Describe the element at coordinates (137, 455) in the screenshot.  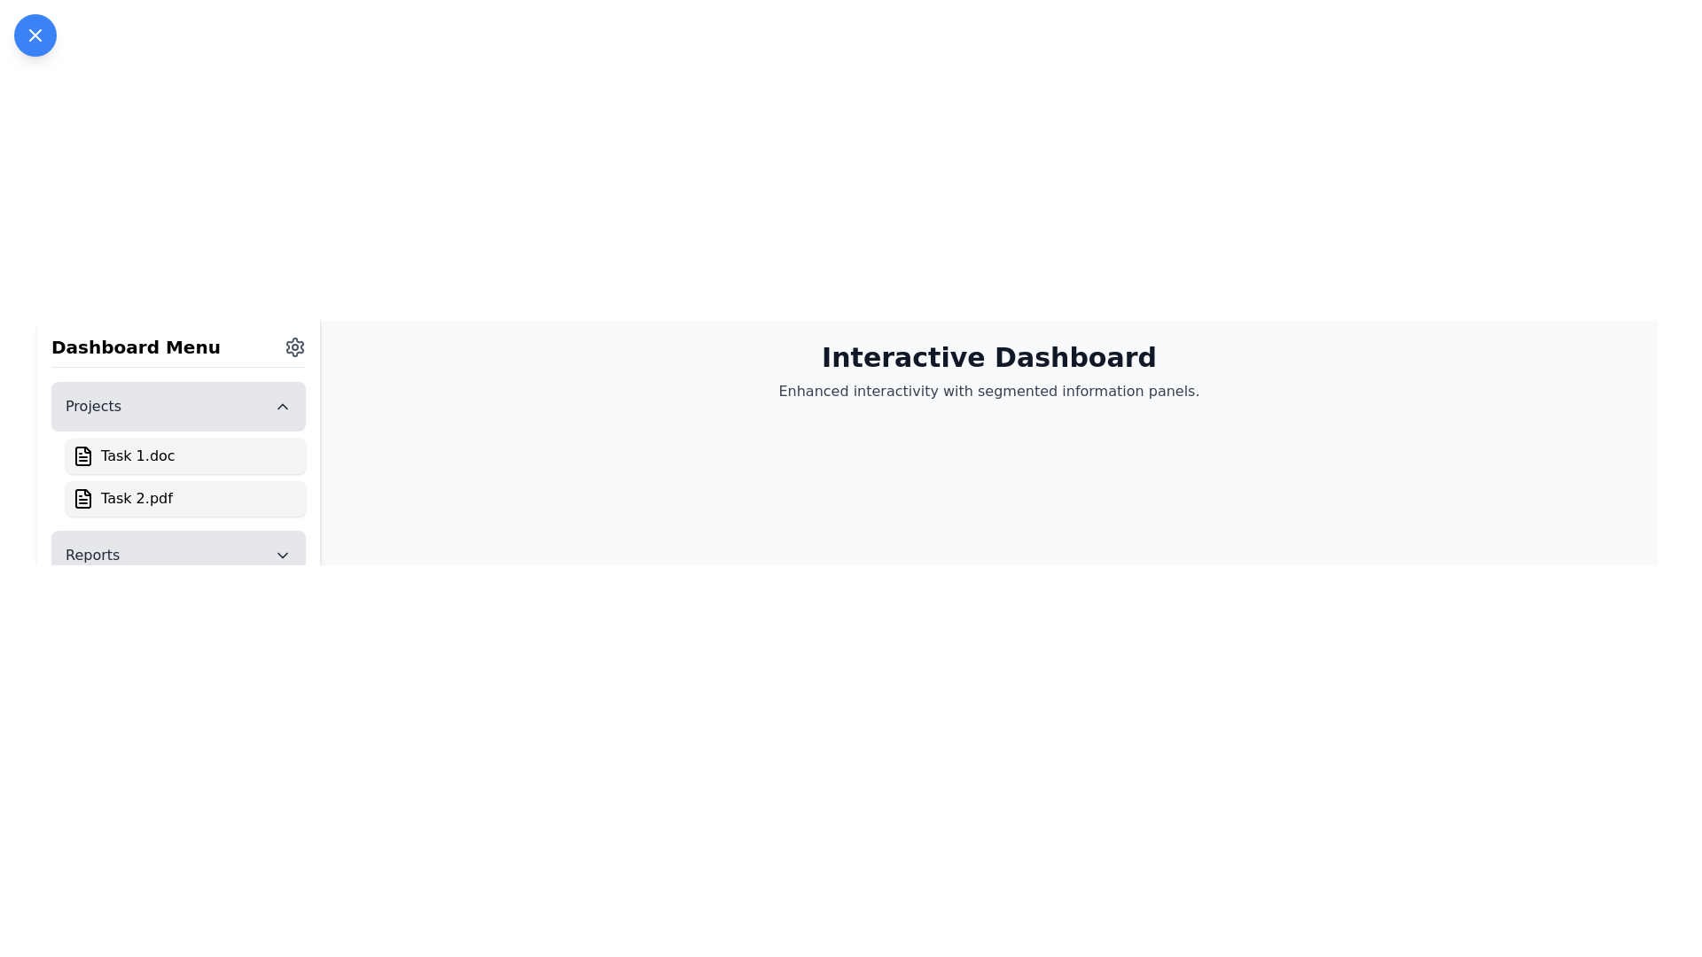
I see `the text label displaying 'Task 1.doc' located in the 'Projects' section of the 'Dashboard Menu'` at that location.